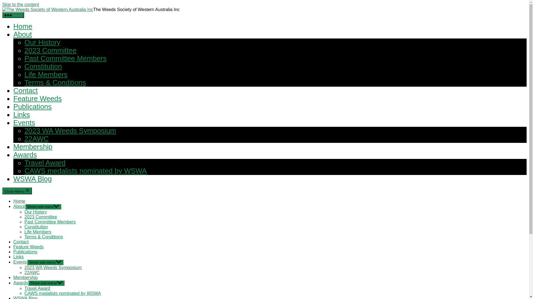 The image size is (533, 299). I want to click on 'Travel Award', so click(37, 288).